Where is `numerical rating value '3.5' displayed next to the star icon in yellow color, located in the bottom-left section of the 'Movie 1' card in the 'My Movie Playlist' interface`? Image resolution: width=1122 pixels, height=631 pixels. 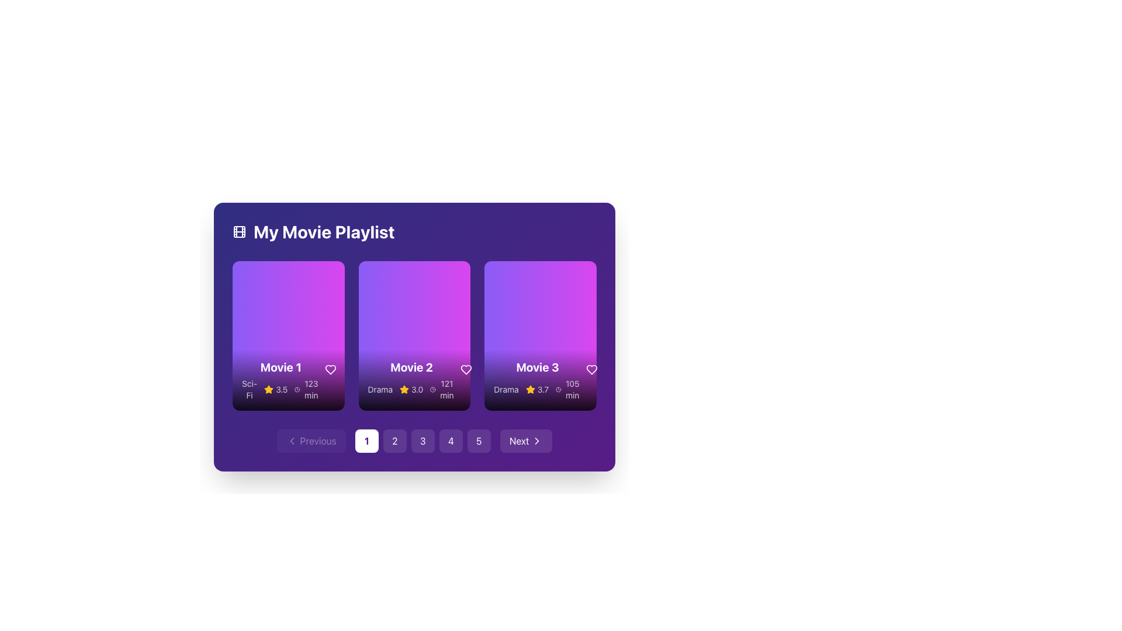 numerical rating value '3.5' displayed next to the star icon in yellow color, located in the bottom-left section of the 'Movie 1' card in the 'My Movie Playlist' interface is located at coordinates (275, 390).